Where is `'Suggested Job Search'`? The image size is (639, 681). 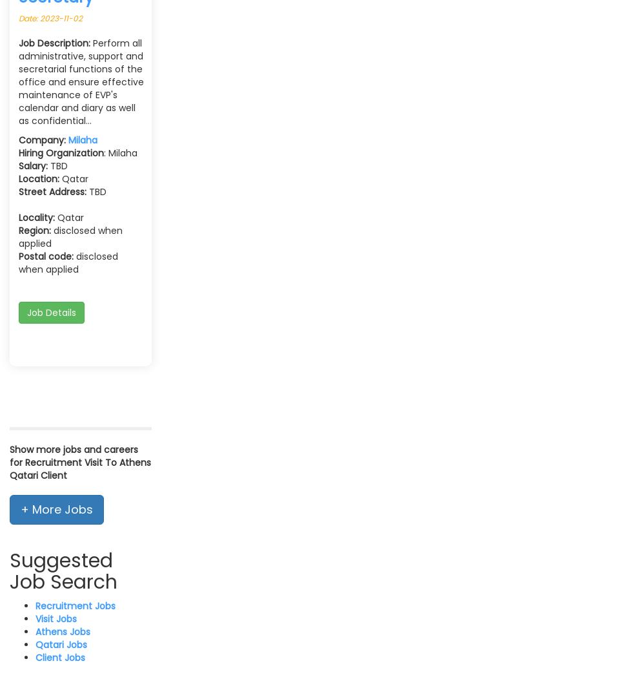 'Suggested Job Search' is located at coordinates (9, 571).